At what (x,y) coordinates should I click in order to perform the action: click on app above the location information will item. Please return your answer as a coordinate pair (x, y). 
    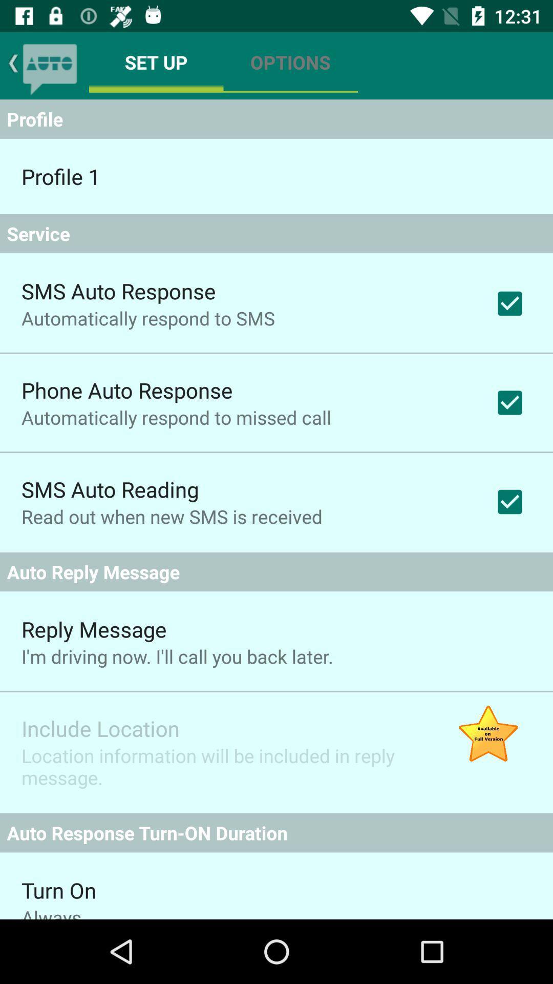
    Looking at the image, I should click on (100, 728).